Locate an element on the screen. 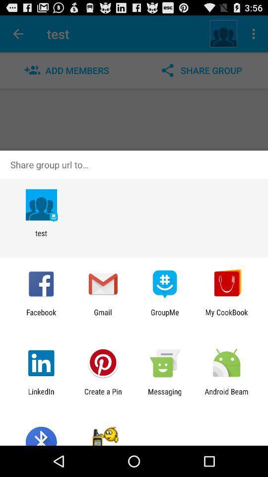 Image resolution: width=268 pixels, height=477 pixels. the icon next to the groupme is located at coordinates (226, 316).